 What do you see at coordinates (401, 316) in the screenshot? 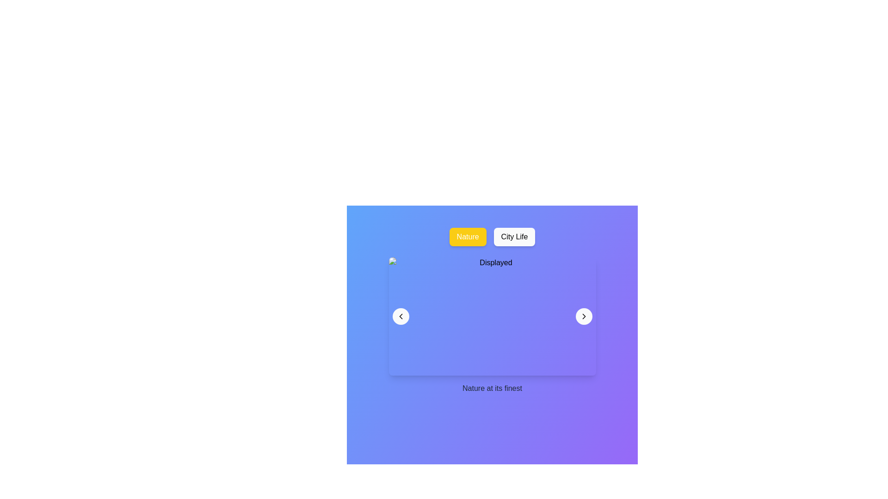
I see `the leftward chevron arrow icon within the rounded button on the left side of the button pair` at bounding box center [401, 316].